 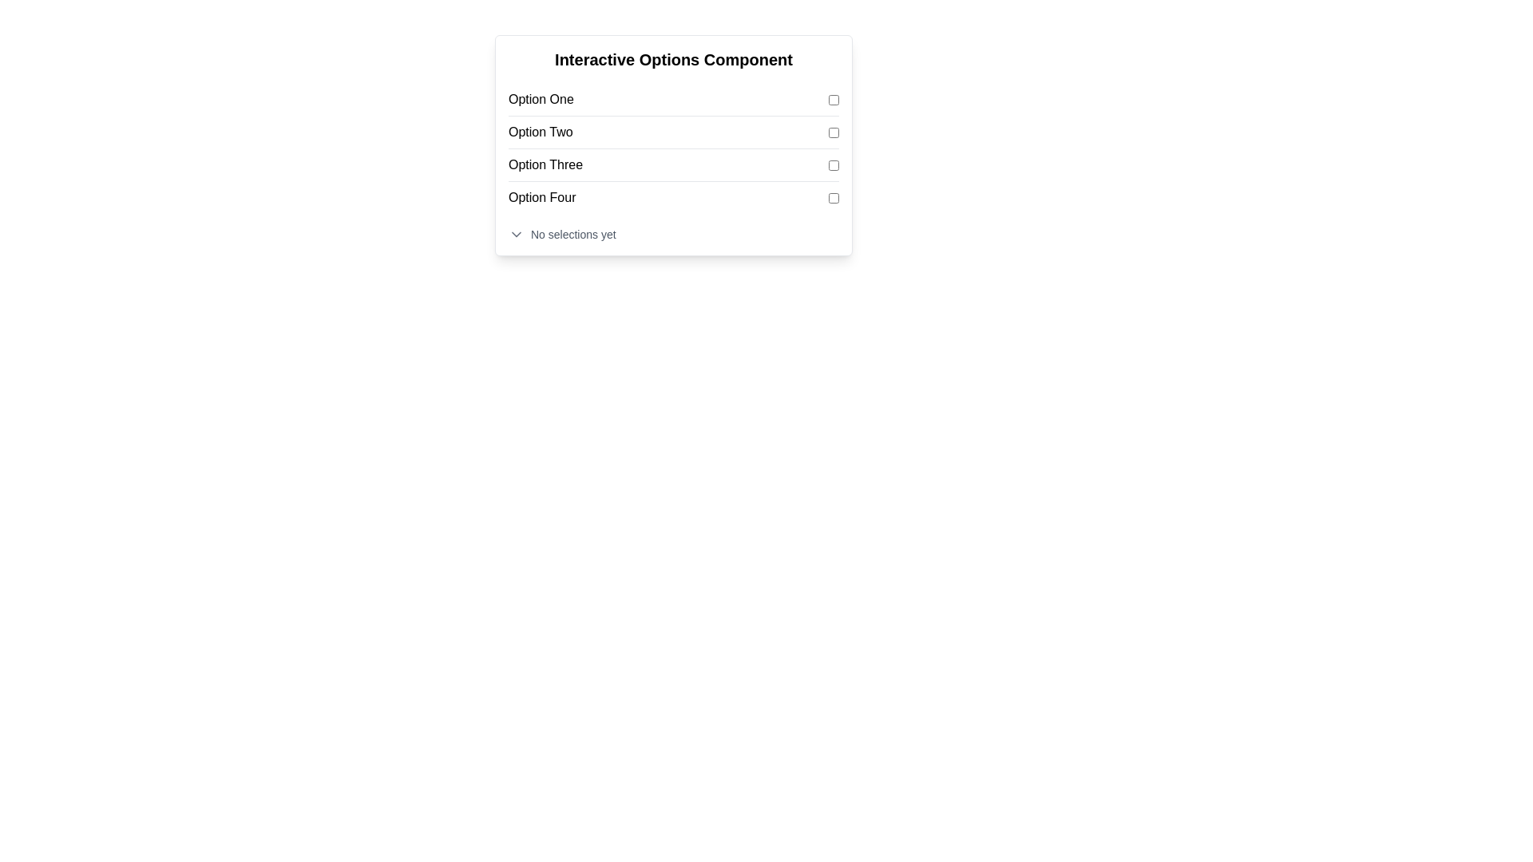 What do you see at coordinates (545, 165) in the screenshot?
I see `the label displaying 'Option Three', which is the third item in a vertical list of options within the 'Interactive Options Component'` at bounding box center [545, 165].